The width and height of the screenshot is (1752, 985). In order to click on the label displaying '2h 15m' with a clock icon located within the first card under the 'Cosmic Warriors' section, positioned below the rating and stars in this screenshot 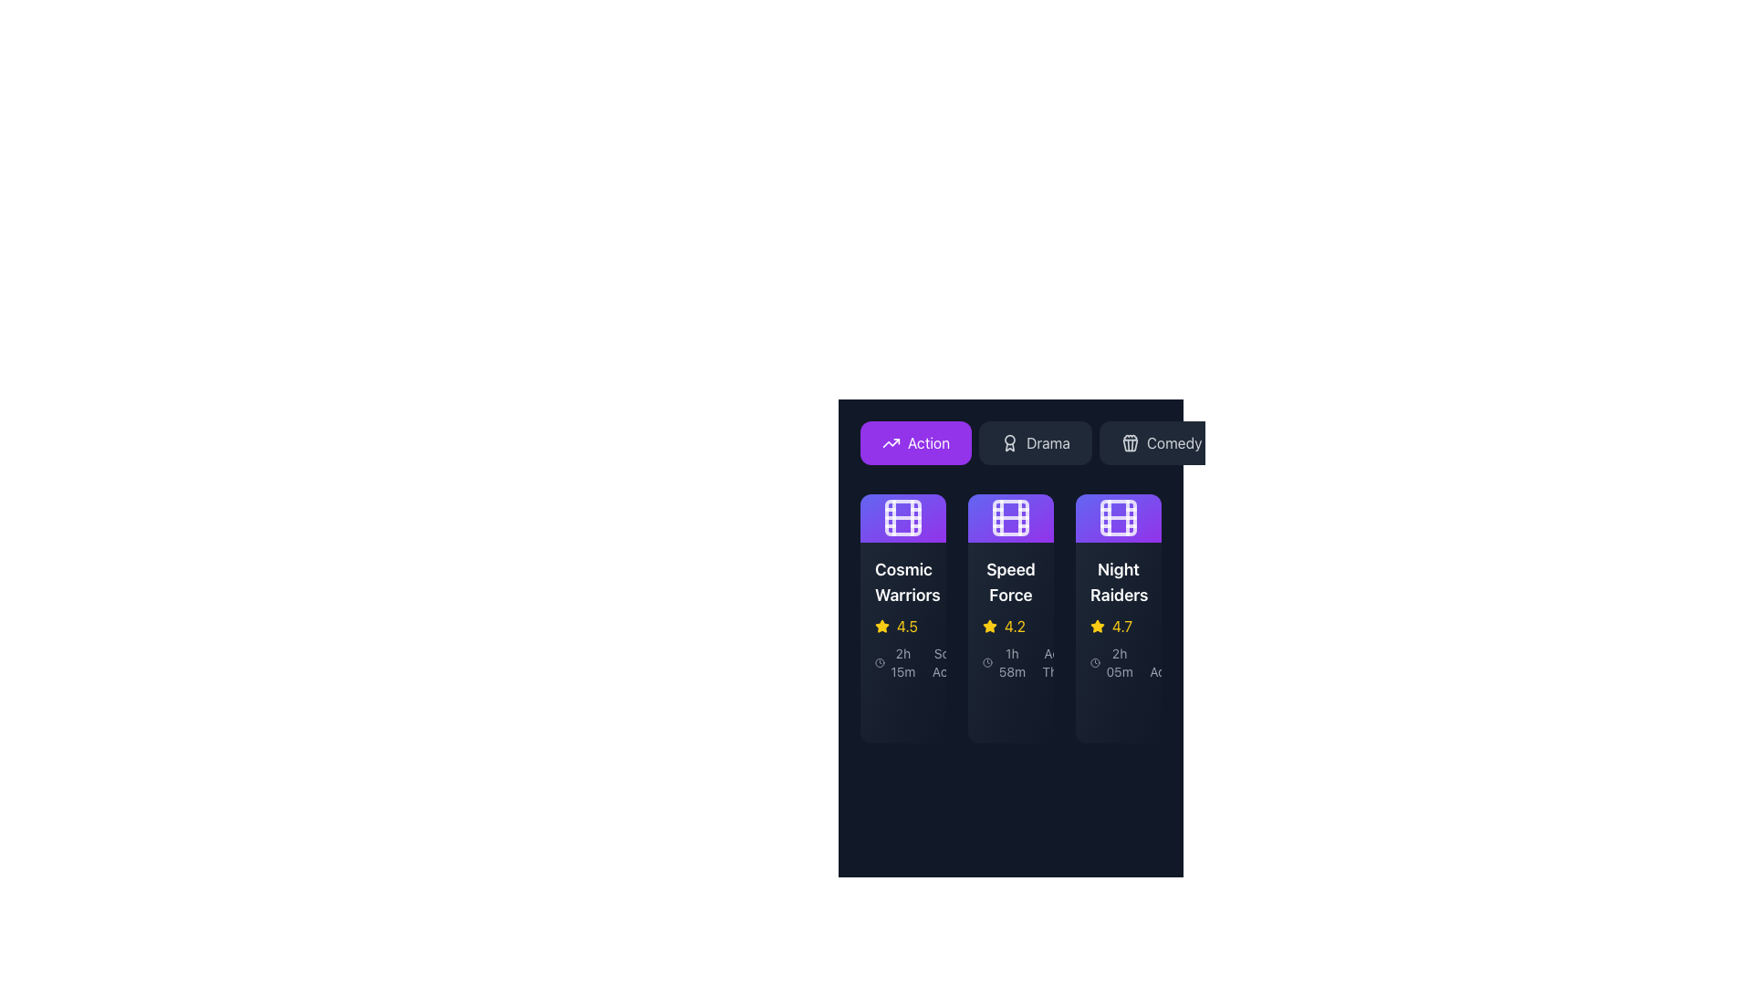, I will do `click(902, 661)`.